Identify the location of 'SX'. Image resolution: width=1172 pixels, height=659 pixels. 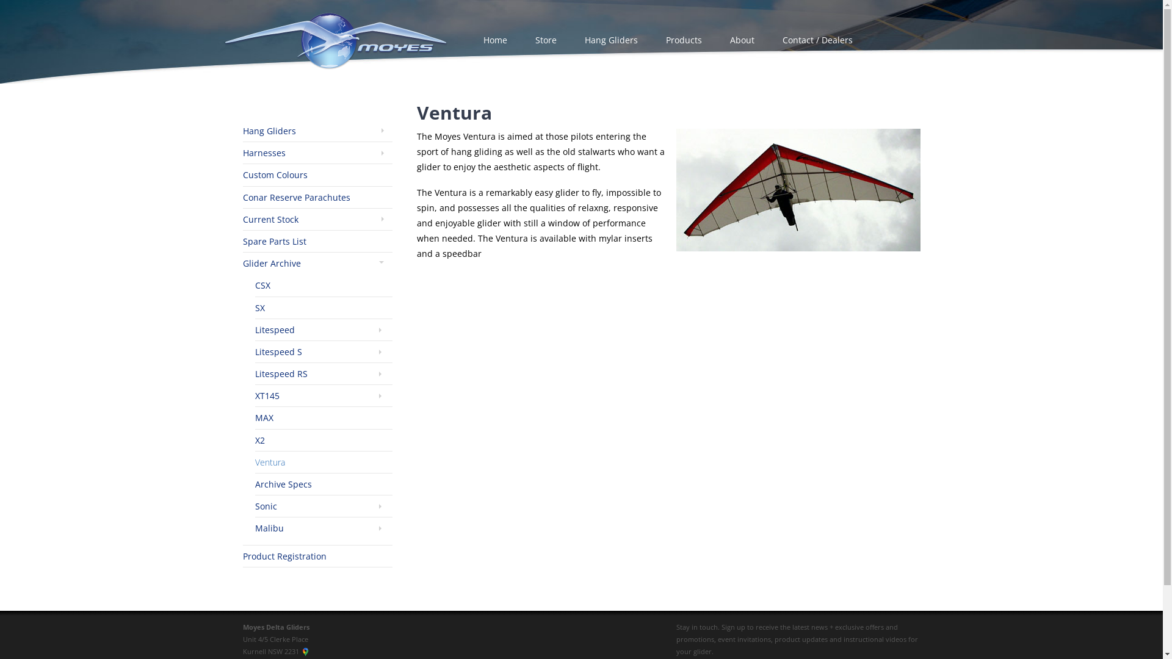
(259, 306).